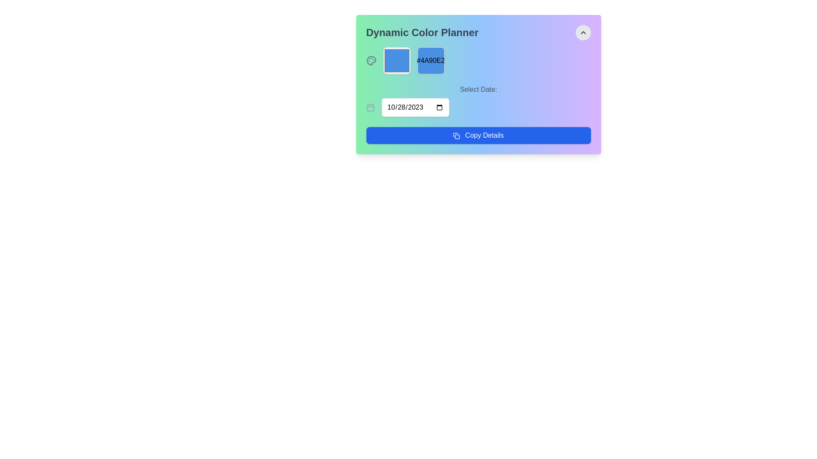  What do you see at coordinates (431, 60) in the screenshot?
I see `text label displaying the hexadecimal color code '#4A90E2', which is centered within a rounded blue square box near the top-right of the card interface` at bounding box center [431, 60].